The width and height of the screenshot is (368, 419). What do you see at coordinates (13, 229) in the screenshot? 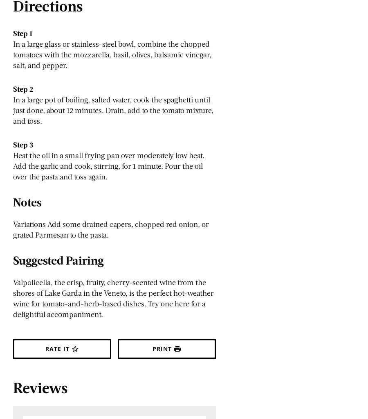
I see `'Variations Add some drained capers, chopped red onion, or grated Parmesan to the pasta.'` at bounding box center [13, 229].